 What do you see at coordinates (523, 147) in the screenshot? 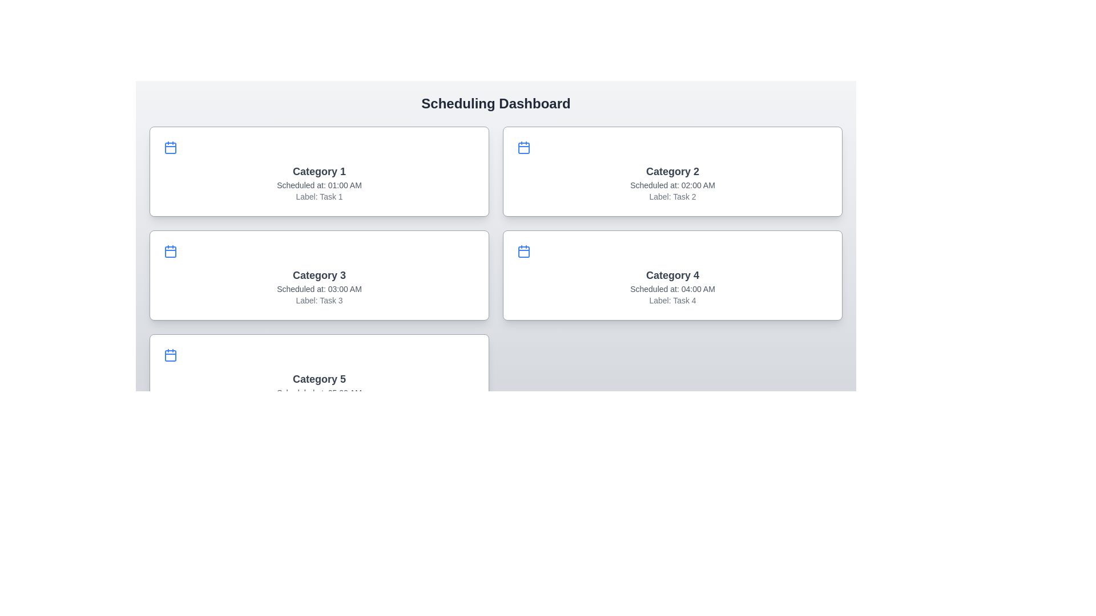
I see `the scheduling icon located at the top-left corner of the card titled 'Category 2', which is in the second column of the top row` at bounding box center [523, 147].